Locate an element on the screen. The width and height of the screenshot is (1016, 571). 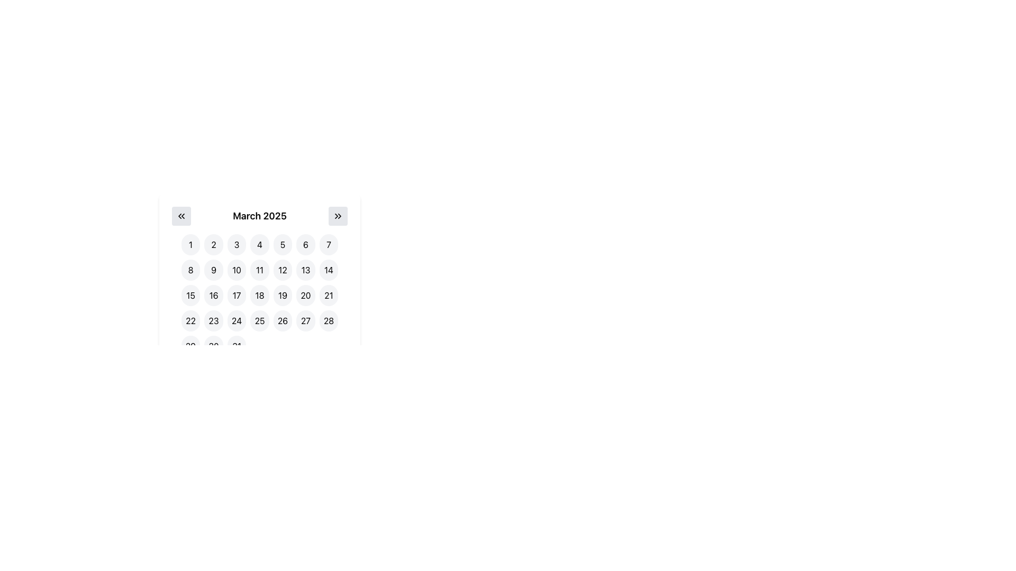
the rounded button with a gray background and the number '21' centered in bold black text is located at coordinates (328, 296).